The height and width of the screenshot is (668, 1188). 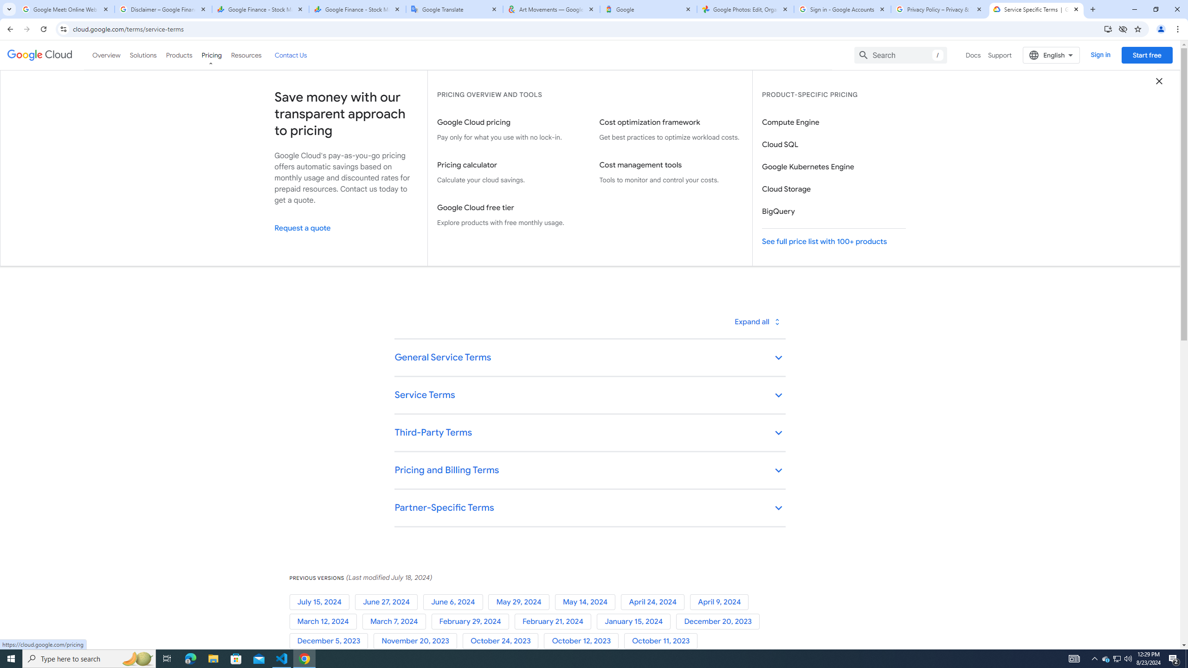 What do you see at coordinates (1108, 28) in the screenshot?
I see `'Install Google Cloud'` at bounding box center [1108, 28].